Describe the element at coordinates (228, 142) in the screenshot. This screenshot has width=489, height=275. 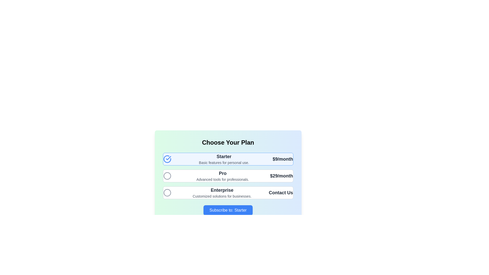
I see `displayed text 'Choose Your Plan' from the prominently styled text label at the top of the pricing card component` at that location.